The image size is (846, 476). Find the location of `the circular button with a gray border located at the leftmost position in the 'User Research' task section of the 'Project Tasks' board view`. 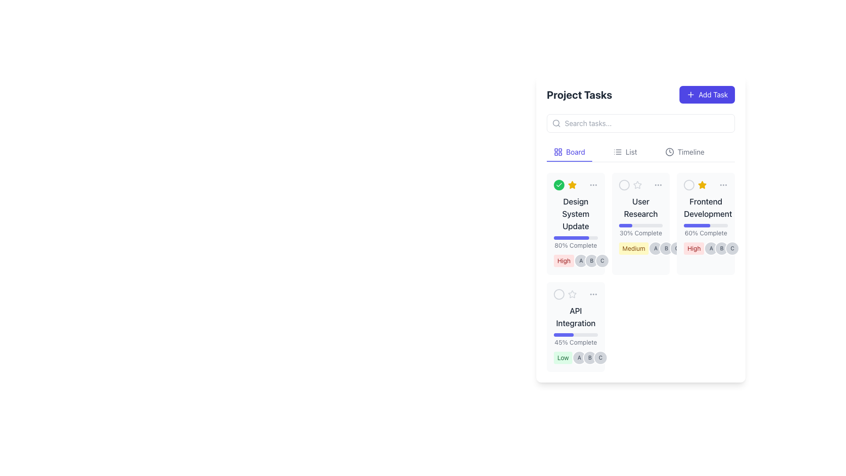

the circular button with a gray border located at the leftmost position in the 'User Research' task section of the 'Project Tasks' board view is located at coordinates (623, 185).